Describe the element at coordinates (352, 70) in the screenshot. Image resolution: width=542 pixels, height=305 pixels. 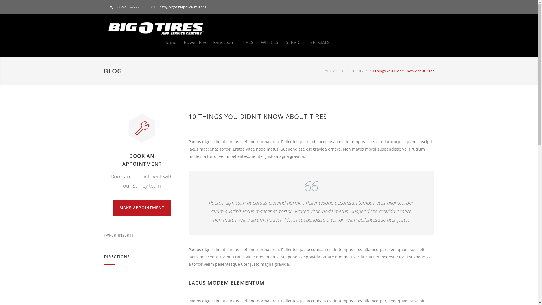
I see `'BLOG'` at that location.